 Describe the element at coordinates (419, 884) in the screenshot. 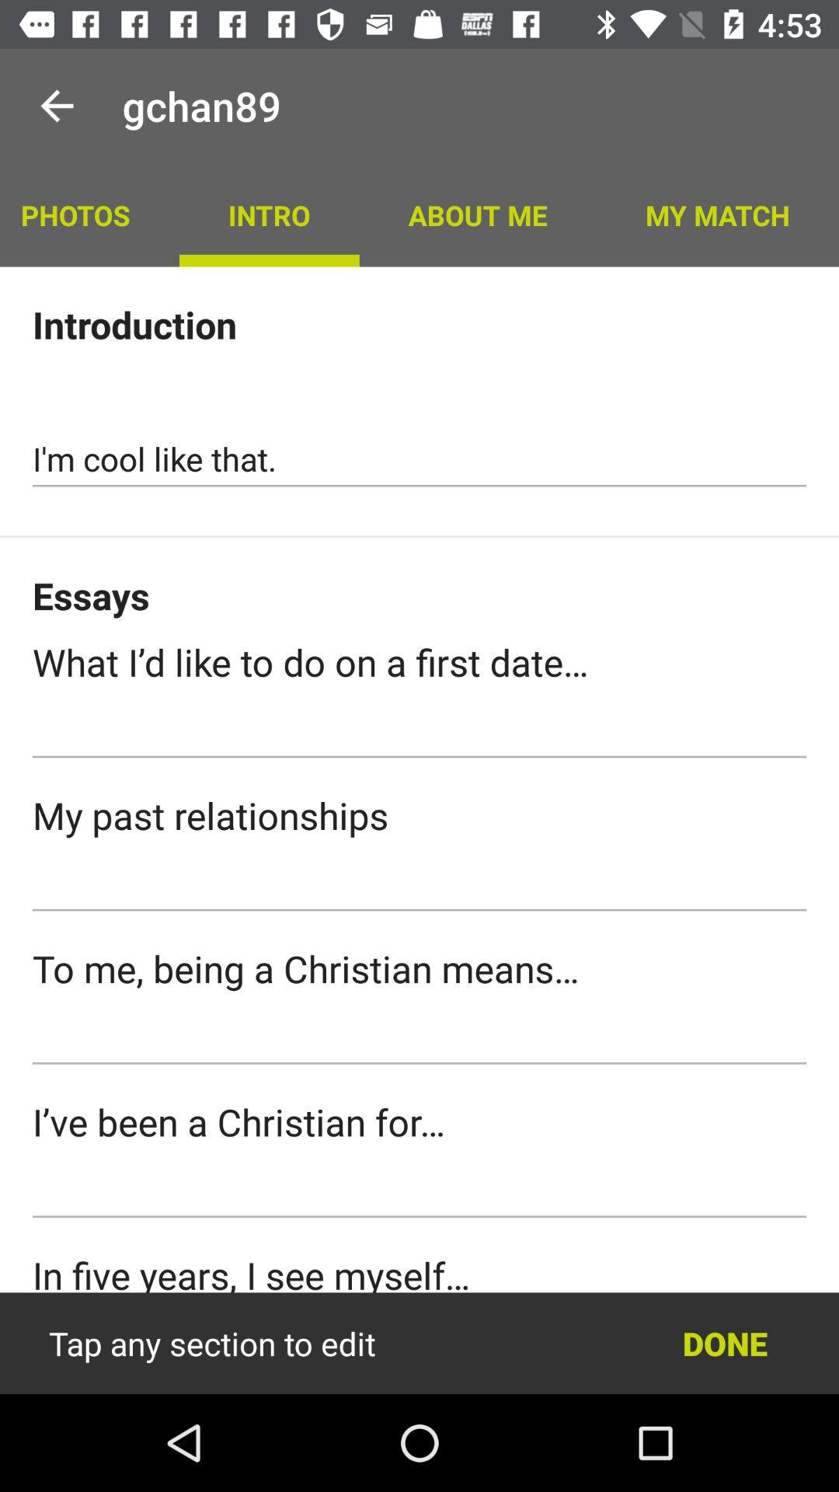

I see `text` at that location.